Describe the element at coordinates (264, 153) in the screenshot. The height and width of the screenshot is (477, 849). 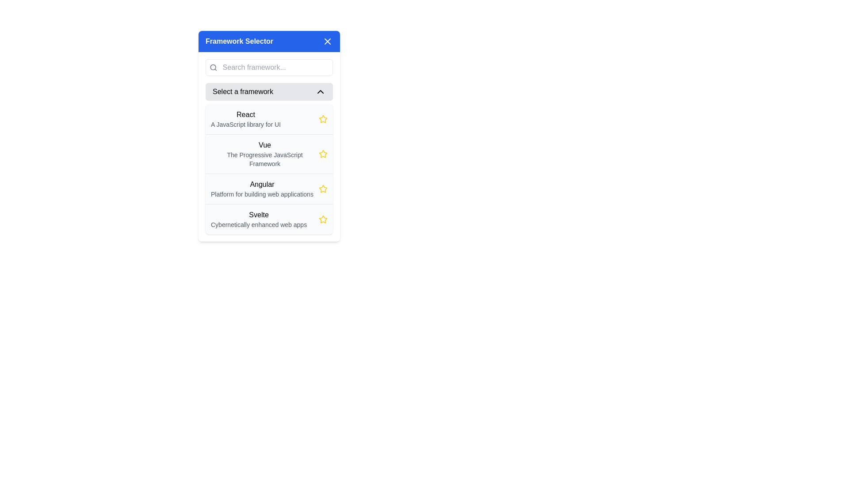
I see `the text label displaying 'Vue'` at that location.